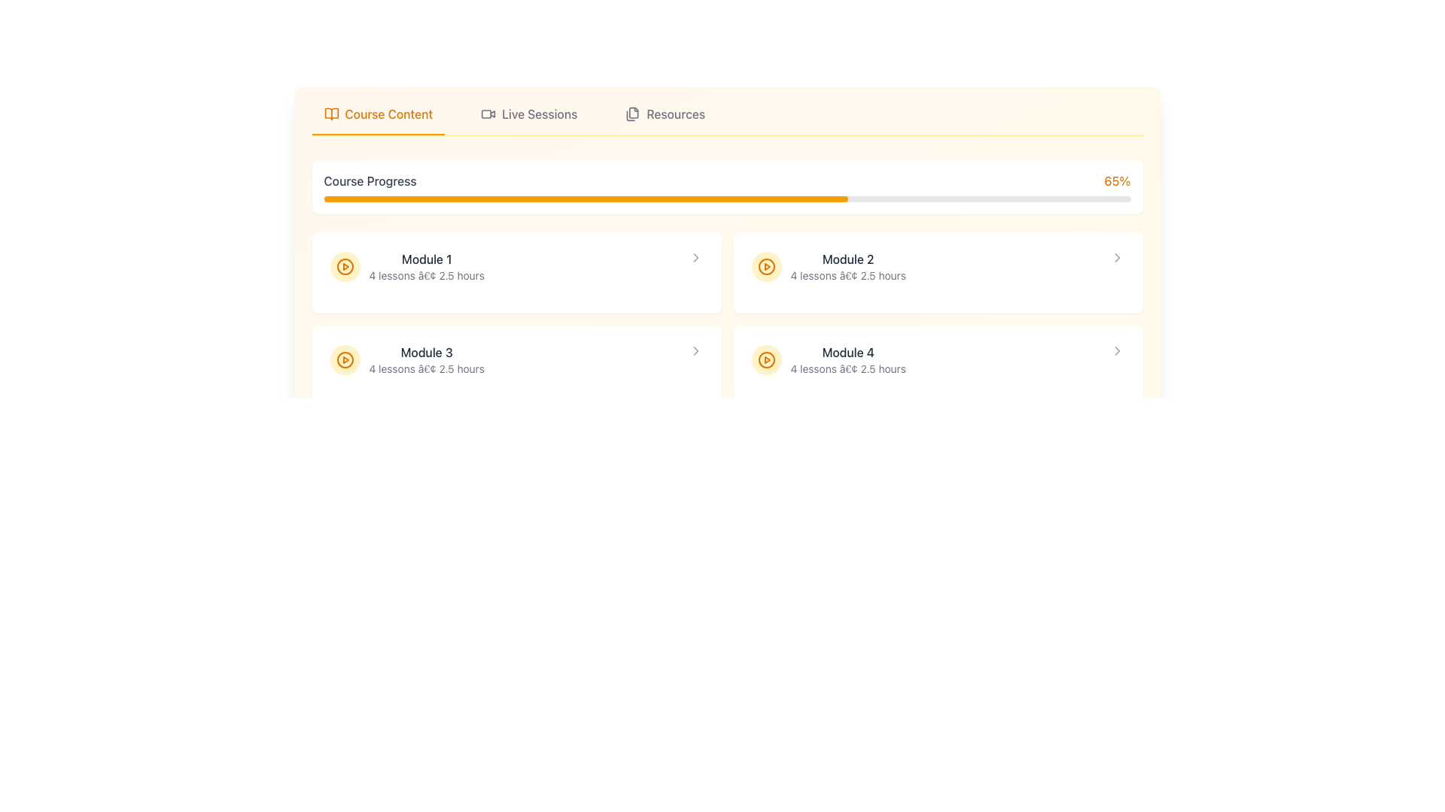 The height and width of the screenshot is (812, 1445). I want to click on summary information text label located directly below the title 'Module 1' in the top-left card of the section, so click(426, 275).